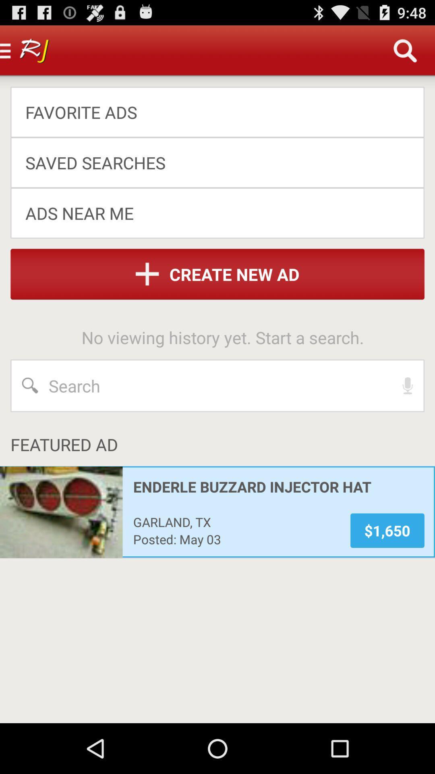 Image resolution: width=435 pixels, height=774 pixels. I want to click on the app below the favorite ads item, so click(211, 162).